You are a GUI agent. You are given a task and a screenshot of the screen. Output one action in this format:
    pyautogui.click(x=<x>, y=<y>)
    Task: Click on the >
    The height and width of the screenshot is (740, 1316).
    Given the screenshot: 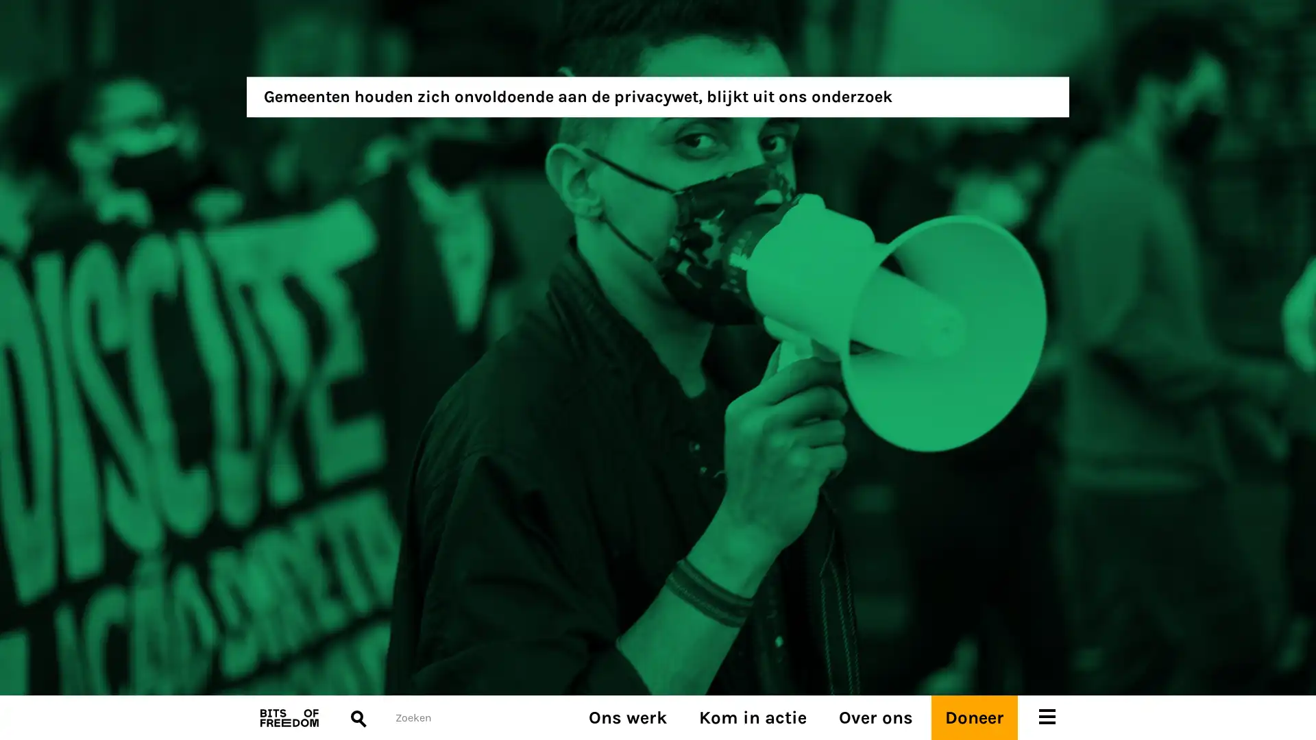 What is the action you would take?
    pyautogui.click(x=684, y=422)
    